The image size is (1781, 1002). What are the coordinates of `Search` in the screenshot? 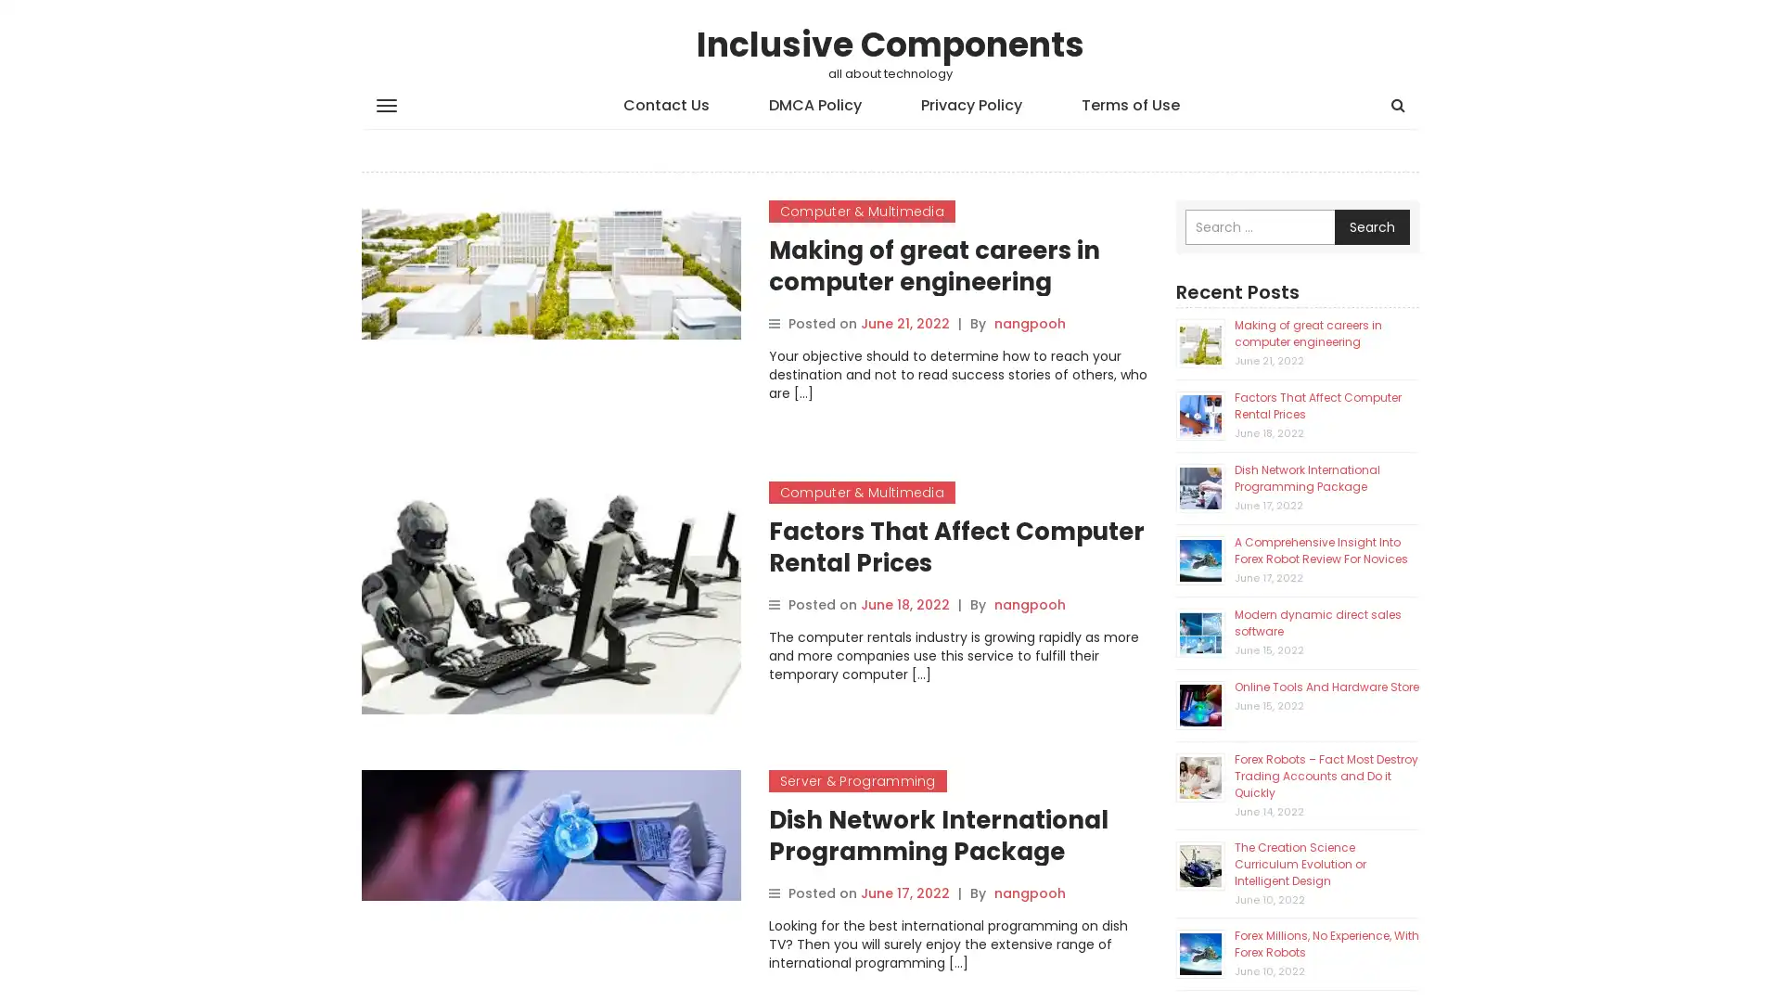 It's located at (1372, 226).